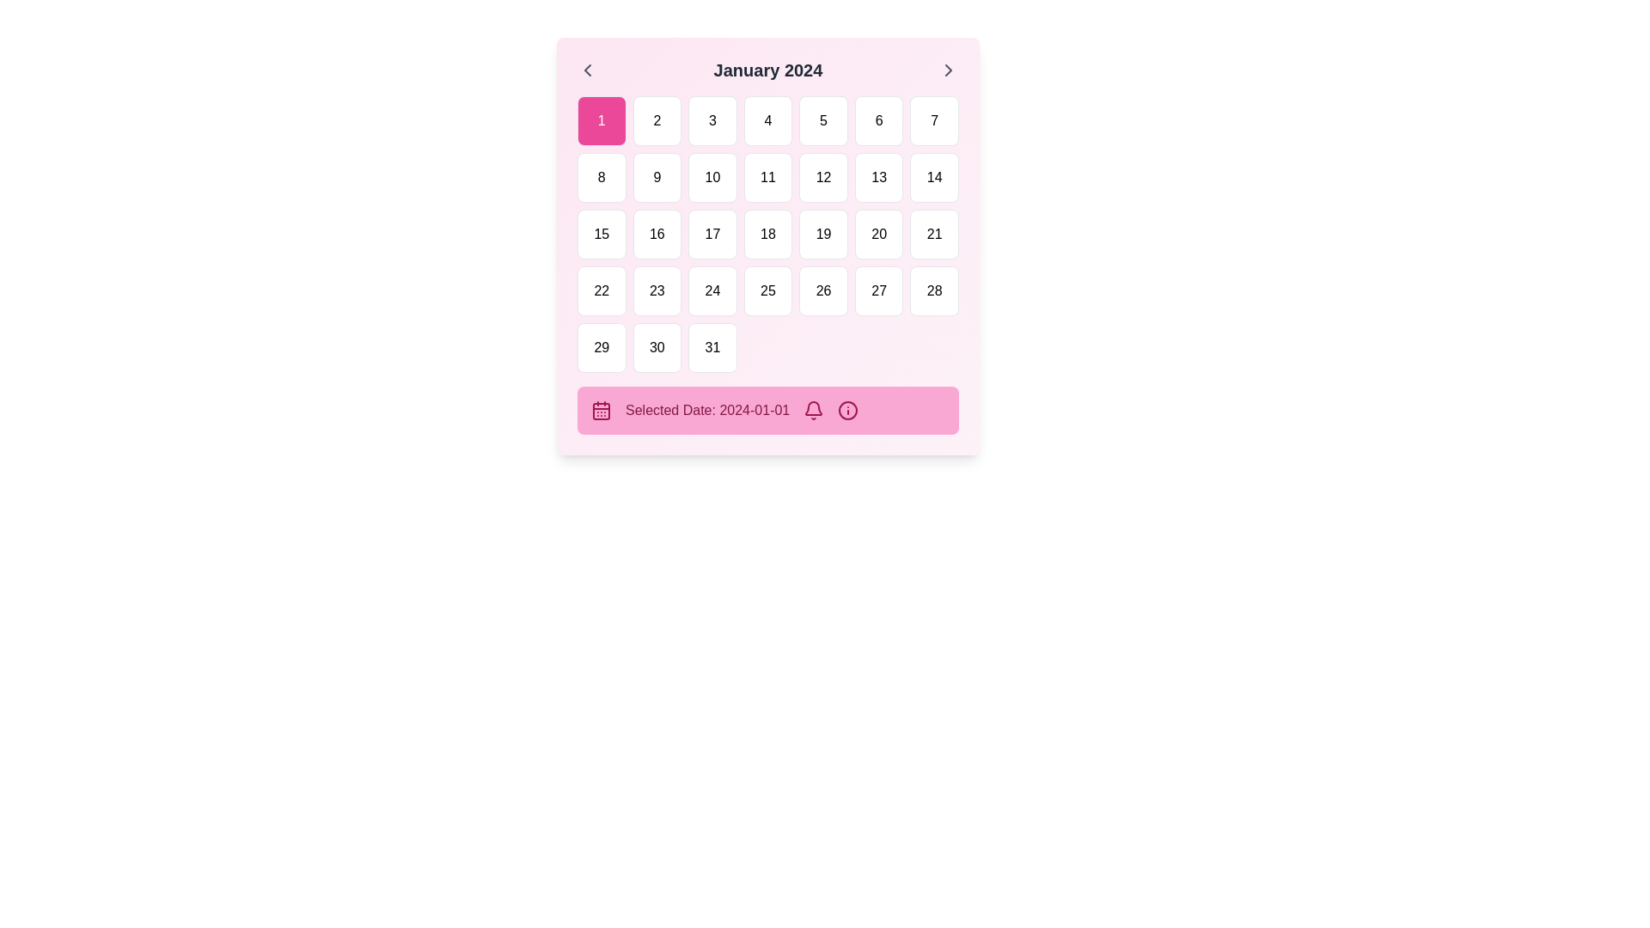 Image resolution: width=1650 pixels, height=928 pixels. I want to click on the square button with rounded corners containing the number '6', so click(879, 120).